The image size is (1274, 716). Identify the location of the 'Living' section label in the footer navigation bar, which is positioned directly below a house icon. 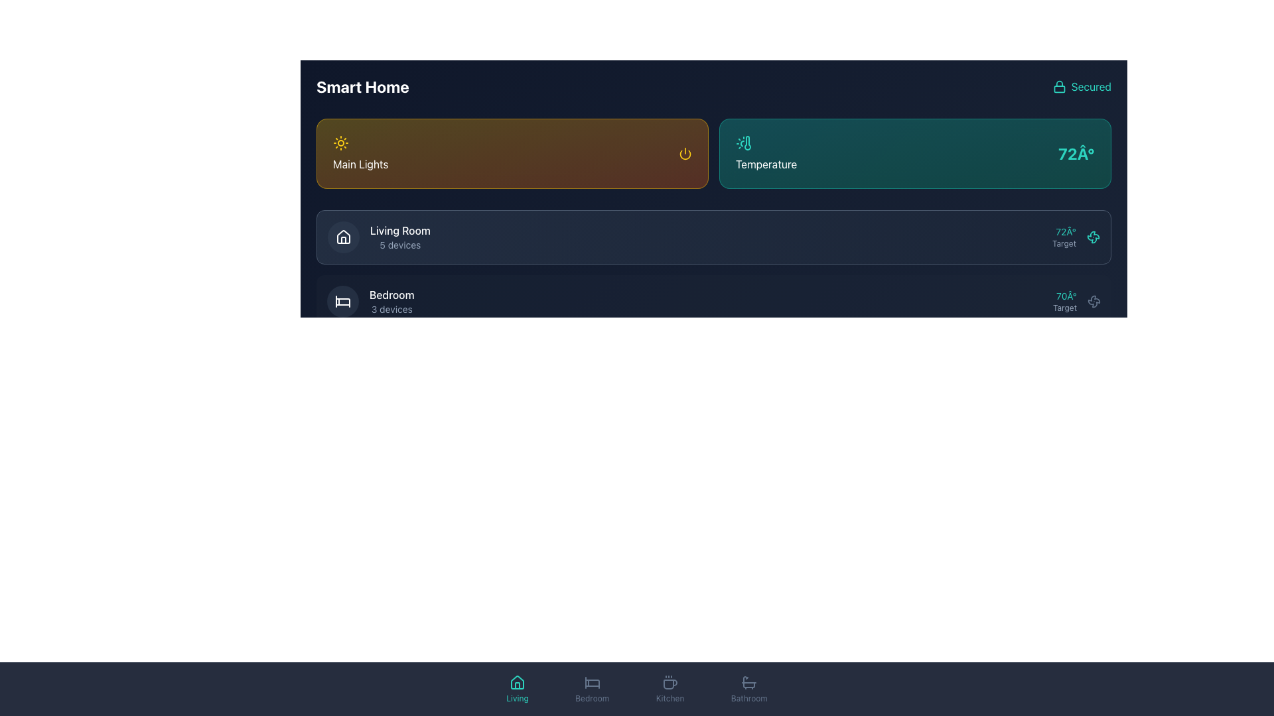
(516, 697).